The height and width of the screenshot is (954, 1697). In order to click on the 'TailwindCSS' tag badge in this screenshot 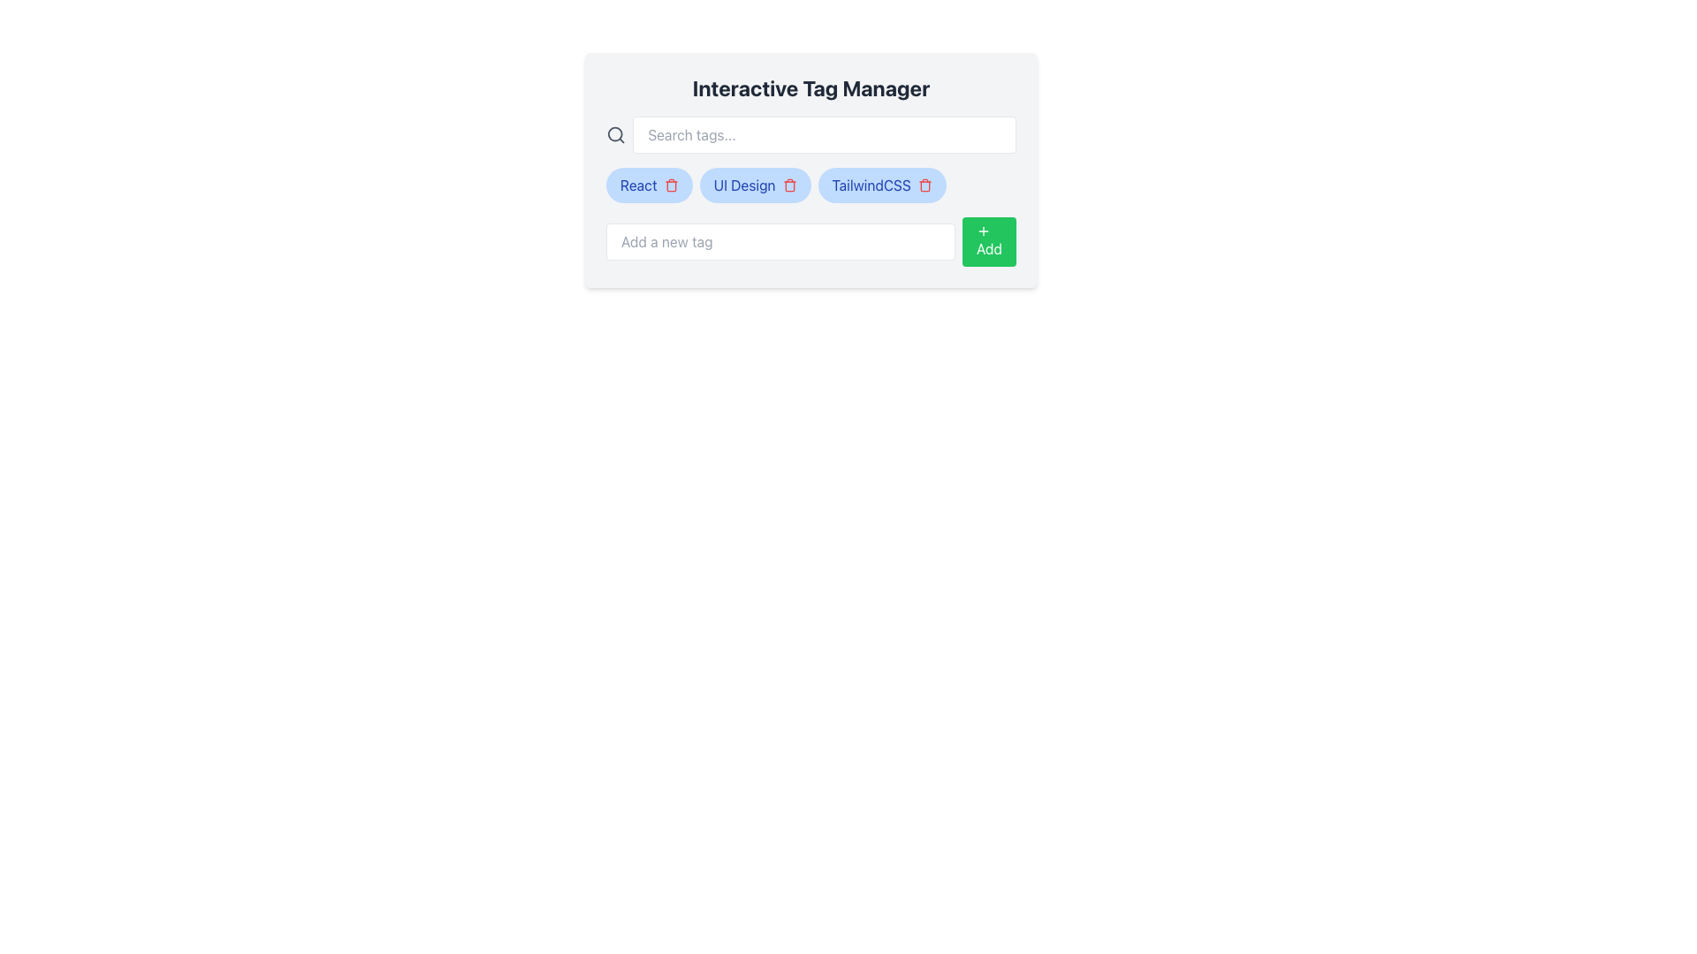, I will do `click(882, 185)`.